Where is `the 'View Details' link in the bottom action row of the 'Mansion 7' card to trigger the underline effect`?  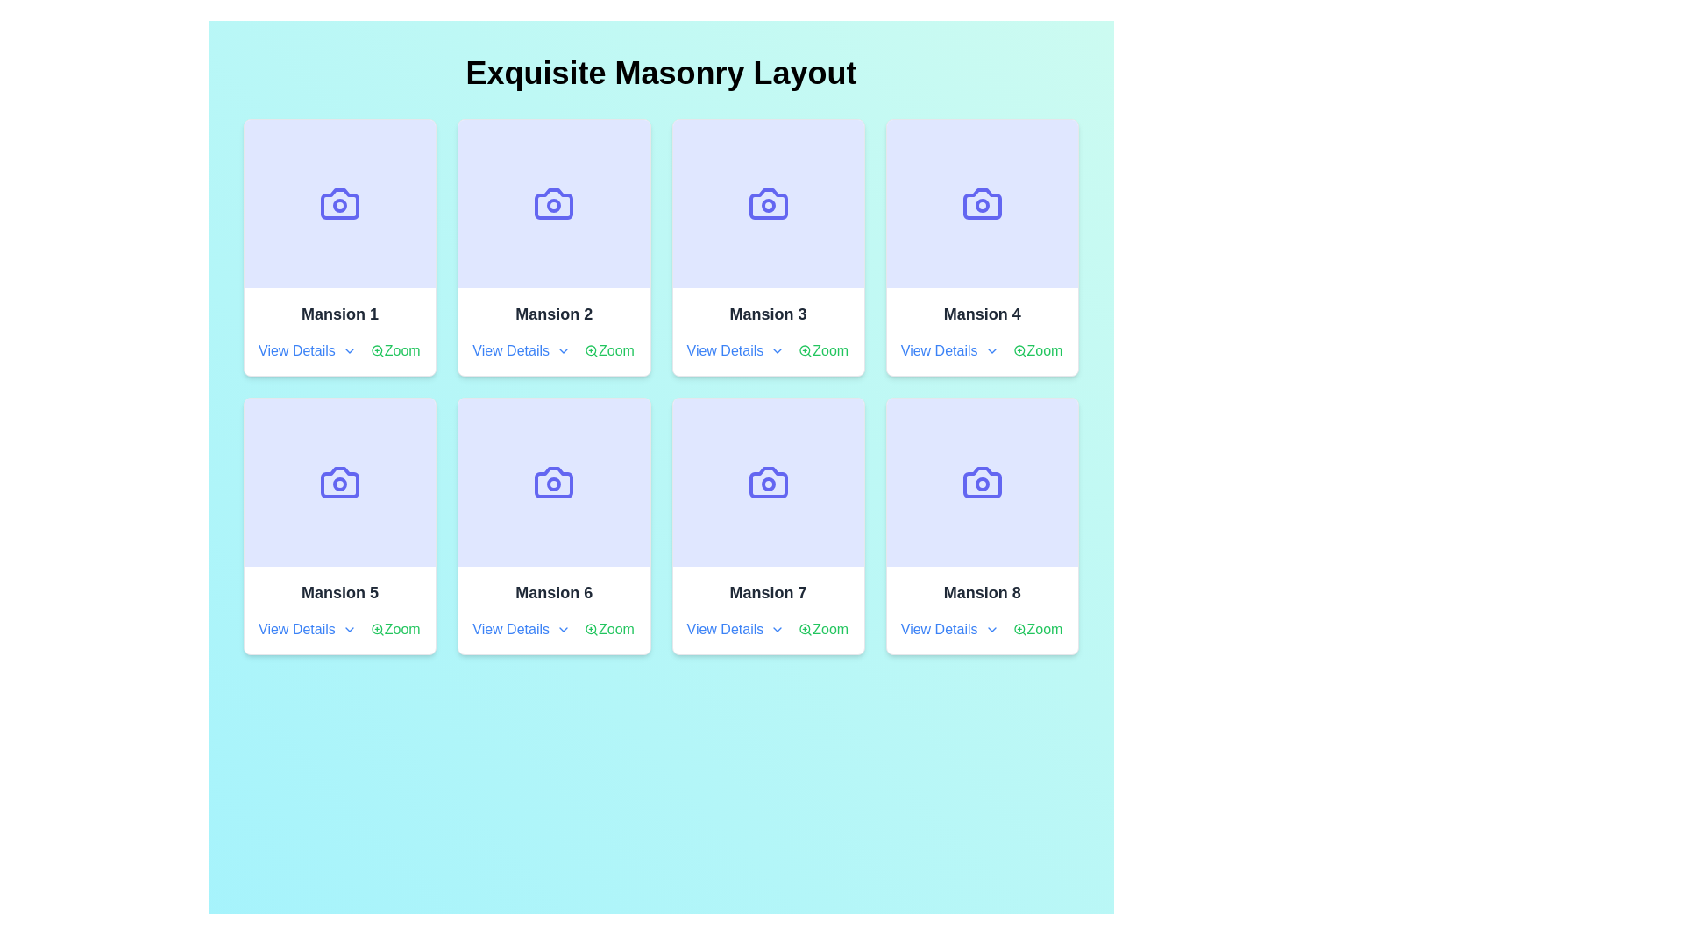
the 'View Details' link in the bottom action row of the 'Mansion 7' card to trigger the underline effect is located at coordinates (768, 628).